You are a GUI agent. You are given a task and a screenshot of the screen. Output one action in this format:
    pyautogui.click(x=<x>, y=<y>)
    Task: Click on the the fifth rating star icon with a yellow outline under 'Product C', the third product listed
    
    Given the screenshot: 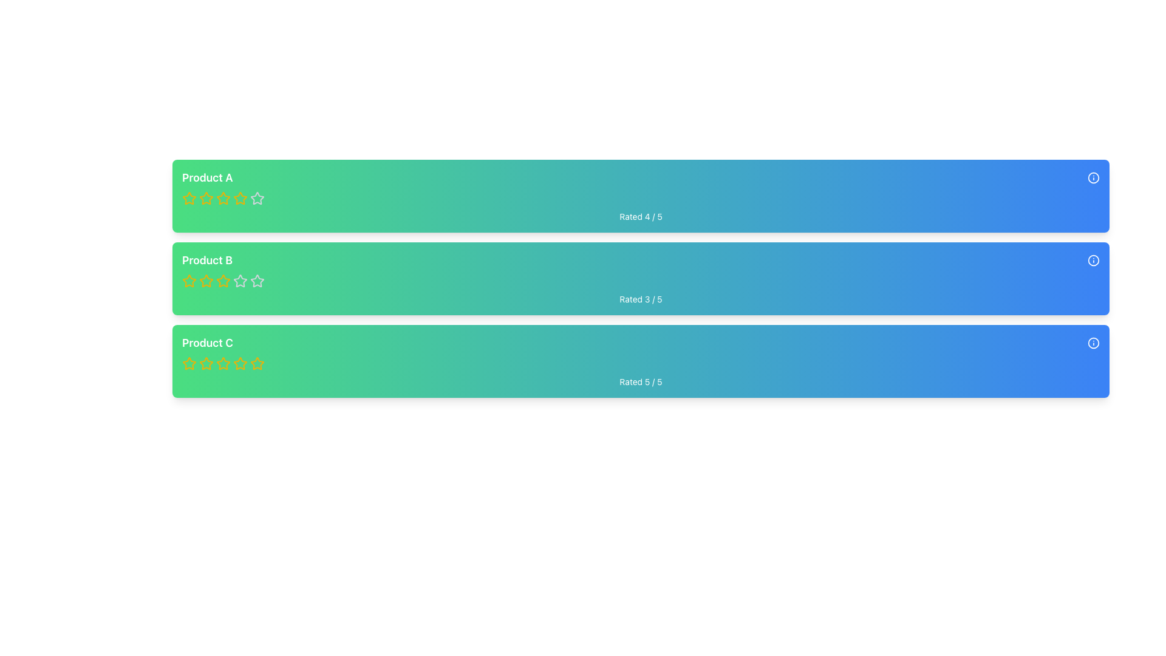 What is the action you would take?
    pyautogui.click(x=223, y=363)
    